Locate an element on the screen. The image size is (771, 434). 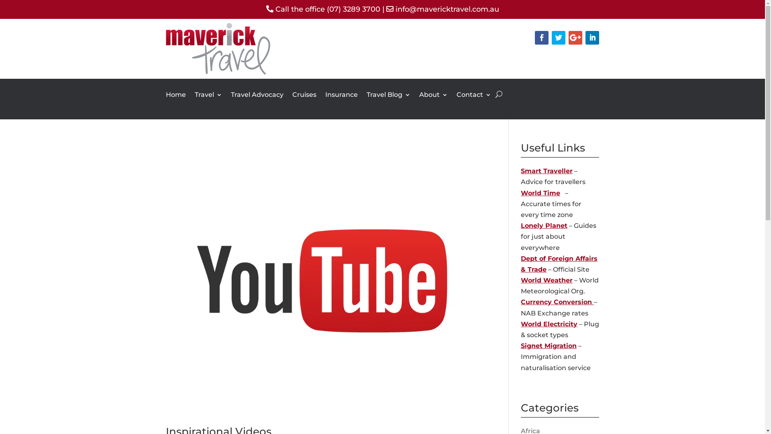
'World Weather' is located at coordinates (546, 280).